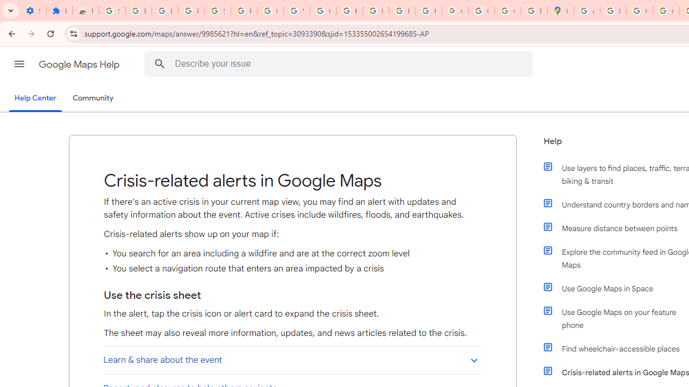 The width and height of the screenshot is (689, 387). I want to click on 'Reviews: Helix Fruit Jump Arcade Game', so click(85, 11).